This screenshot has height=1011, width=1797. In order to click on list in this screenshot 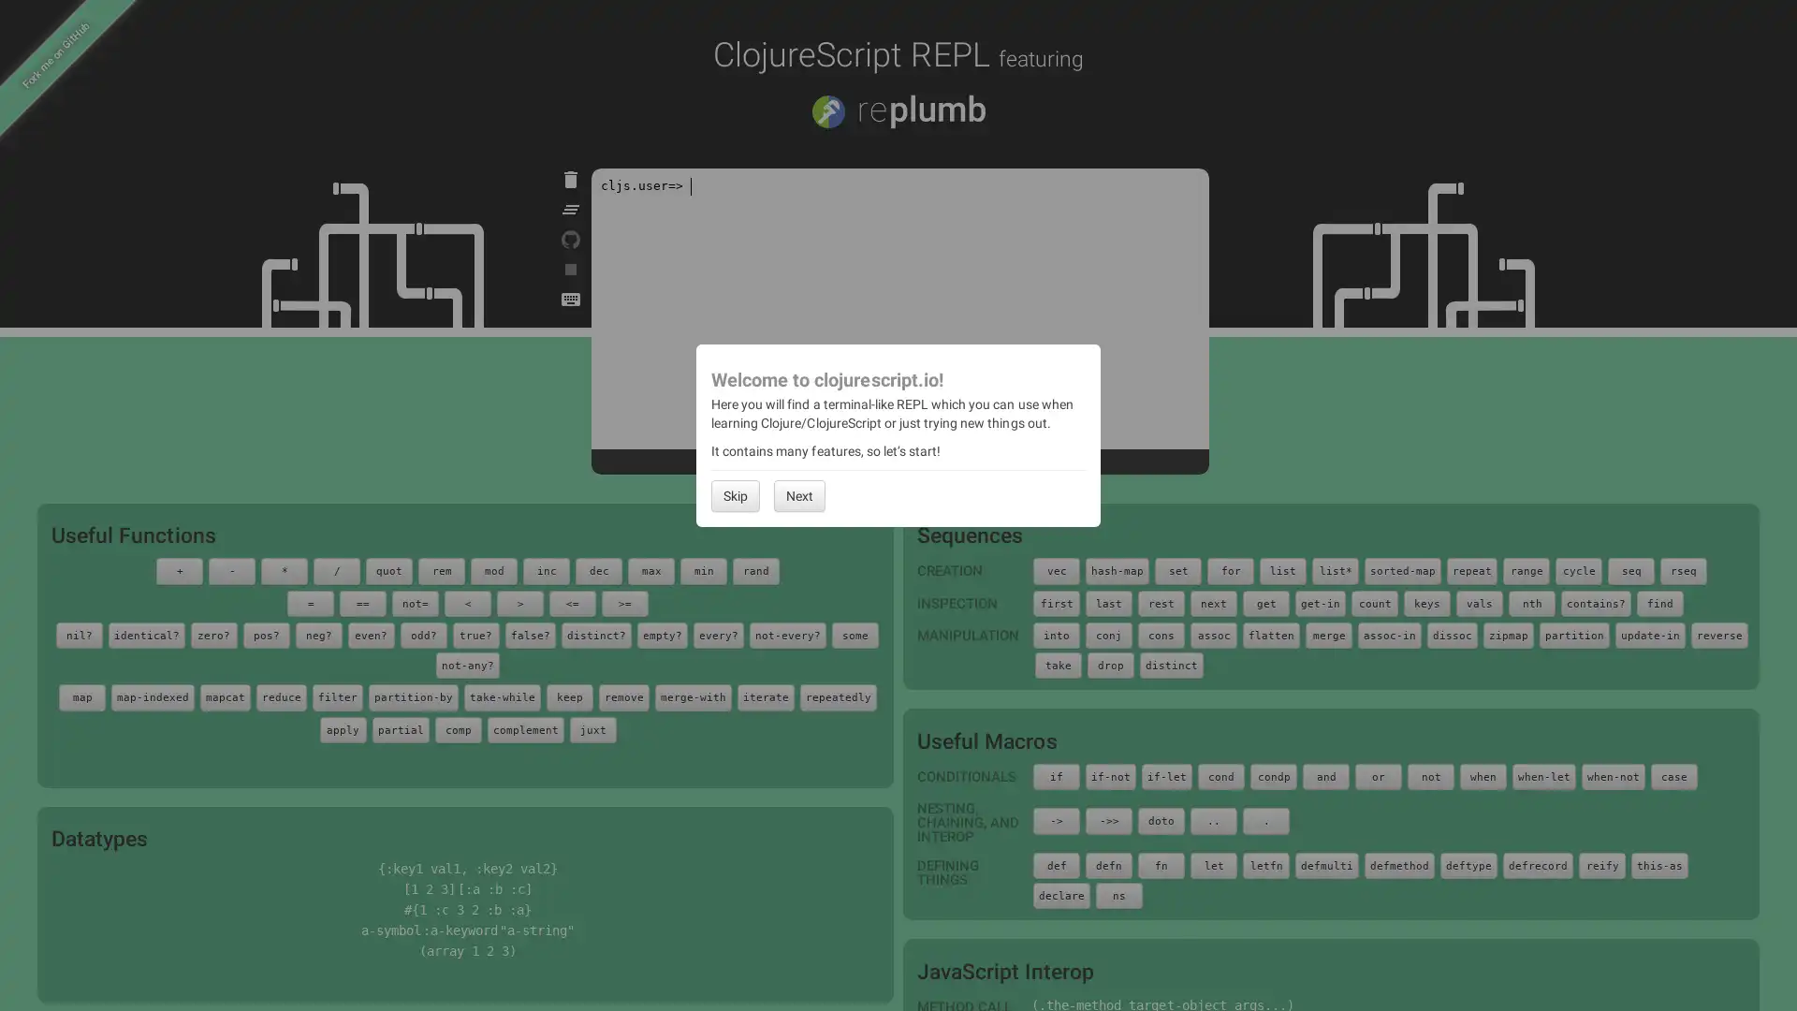, I will do `click(1282, 569)`.